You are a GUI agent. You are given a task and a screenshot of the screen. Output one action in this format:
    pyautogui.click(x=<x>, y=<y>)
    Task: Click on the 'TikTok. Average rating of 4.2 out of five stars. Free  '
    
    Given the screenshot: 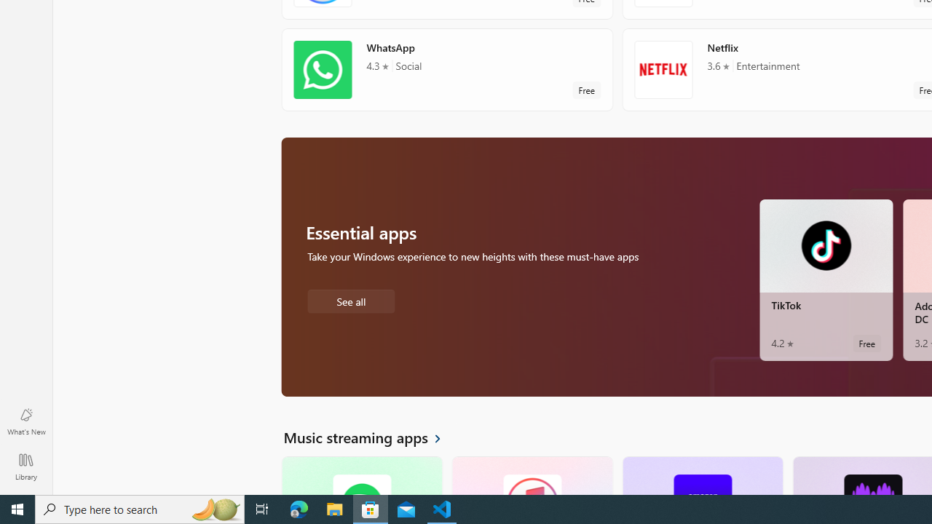 What is the action you would take?
    pyautogui.click(x=826, y=279)
    